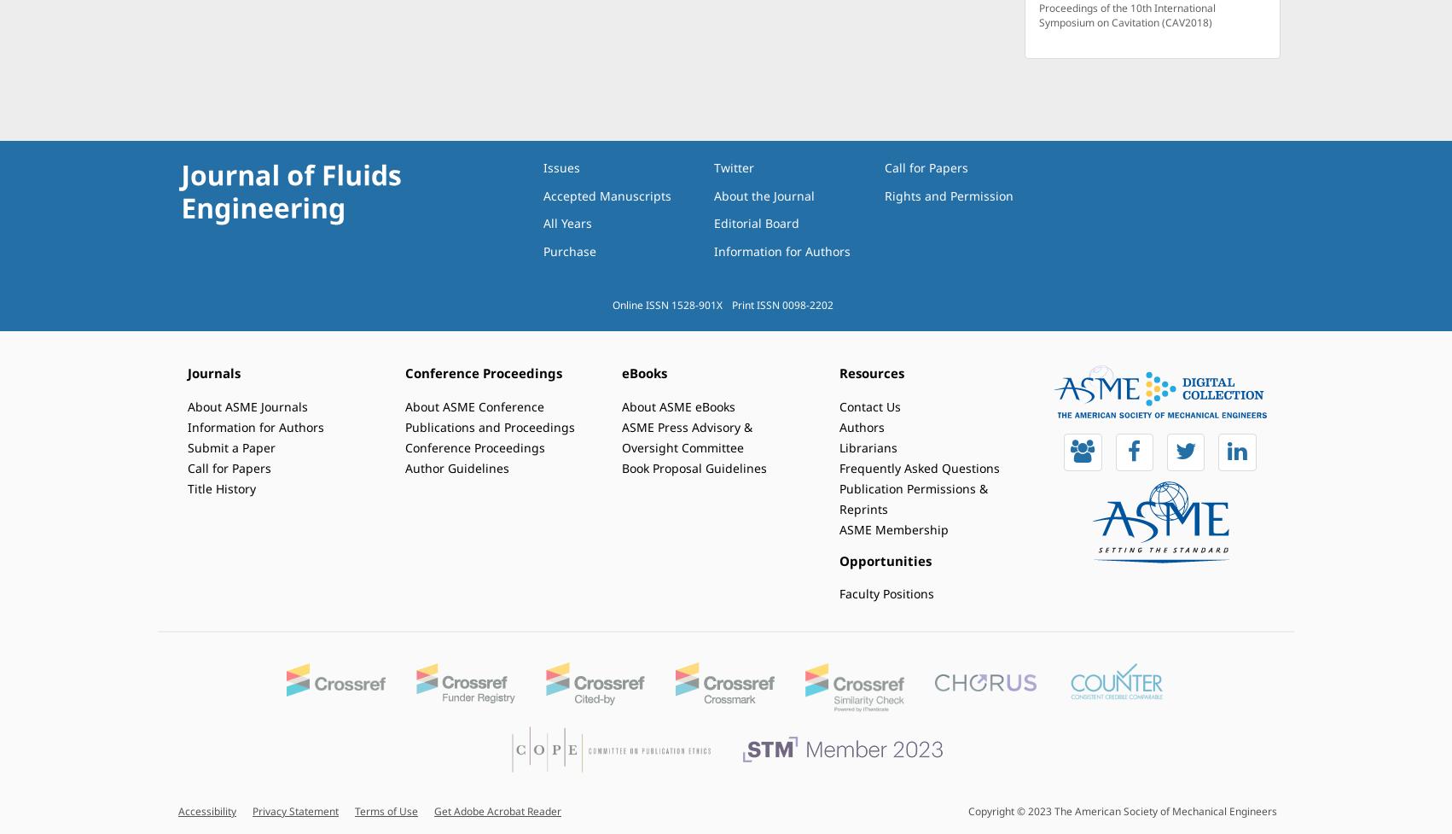 This screenshot has height=834, width=1452. Describe the element at coordinates (213, 373) in the screenshot. I see `'Journals'` at that location.